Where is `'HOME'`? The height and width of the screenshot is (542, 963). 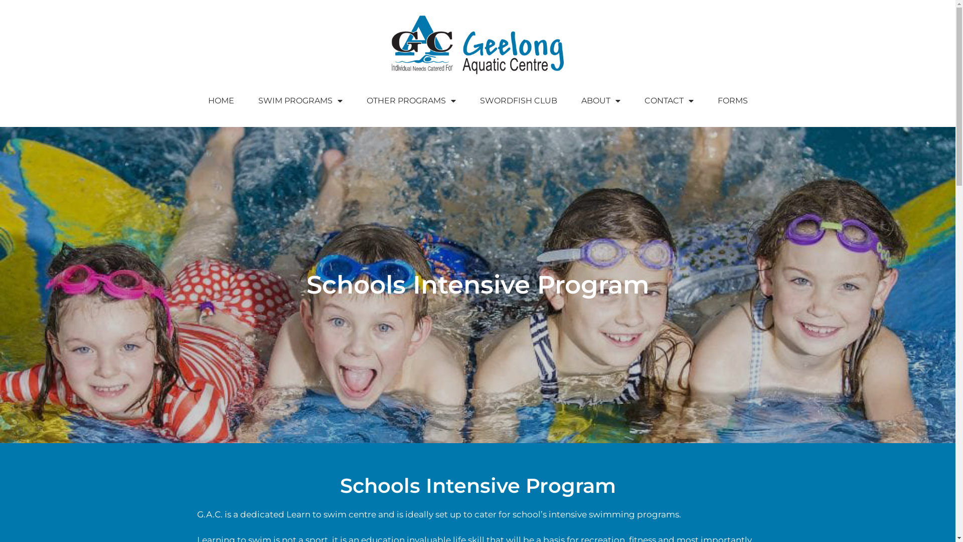 'HOME' is located at coordinates (195, 100).